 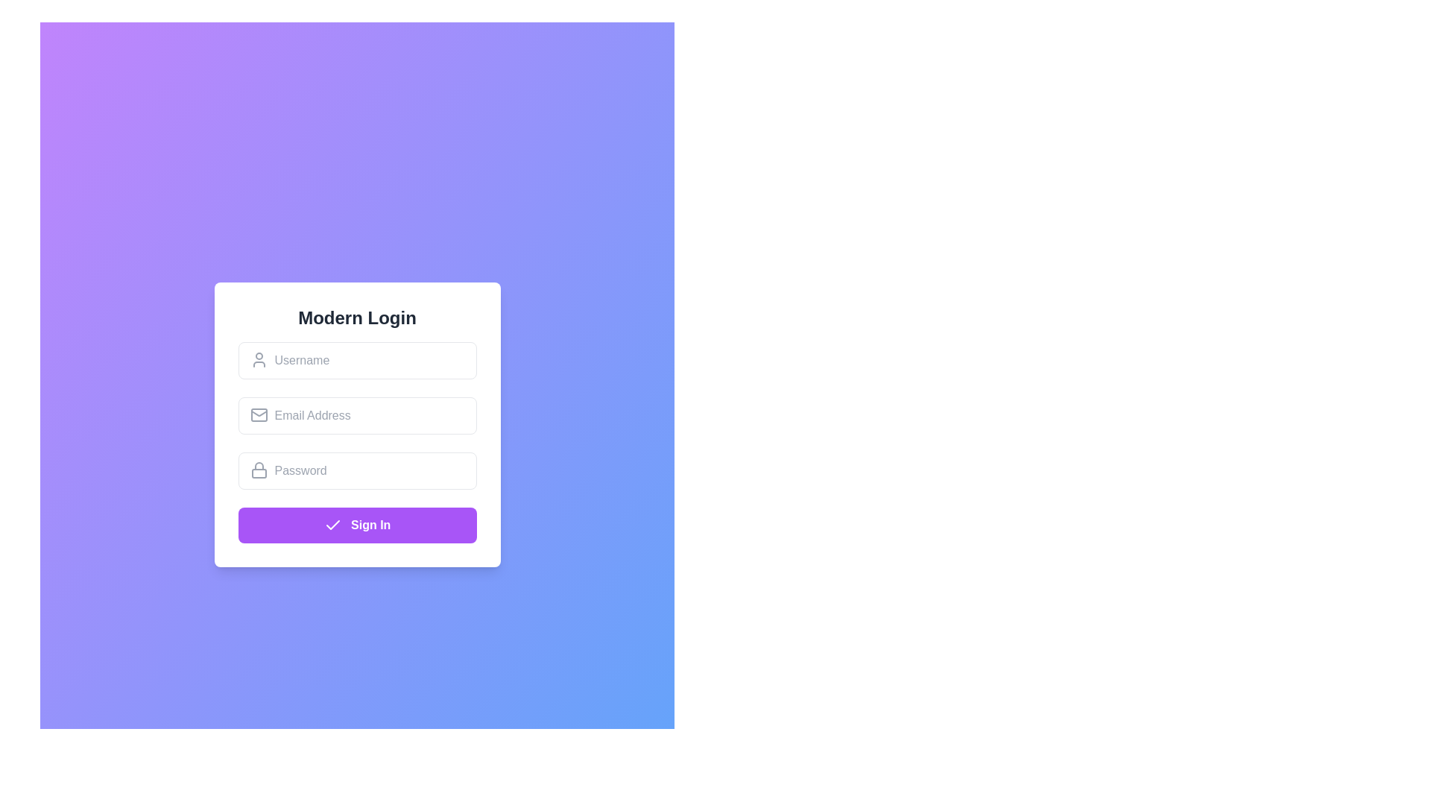 What do you see at coordinates (259, 359) in the screenshot?
I see `the user profile icon, which is a minimalistic gray outline positioned to the left of the 'Username' input field in the login form` at bounding box center [259, 359].